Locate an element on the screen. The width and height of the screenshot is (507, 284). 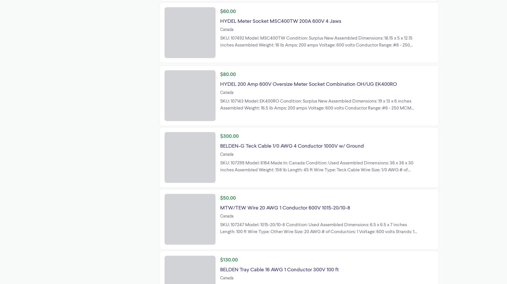
'$60.00' is located at coordinates (227, 10).